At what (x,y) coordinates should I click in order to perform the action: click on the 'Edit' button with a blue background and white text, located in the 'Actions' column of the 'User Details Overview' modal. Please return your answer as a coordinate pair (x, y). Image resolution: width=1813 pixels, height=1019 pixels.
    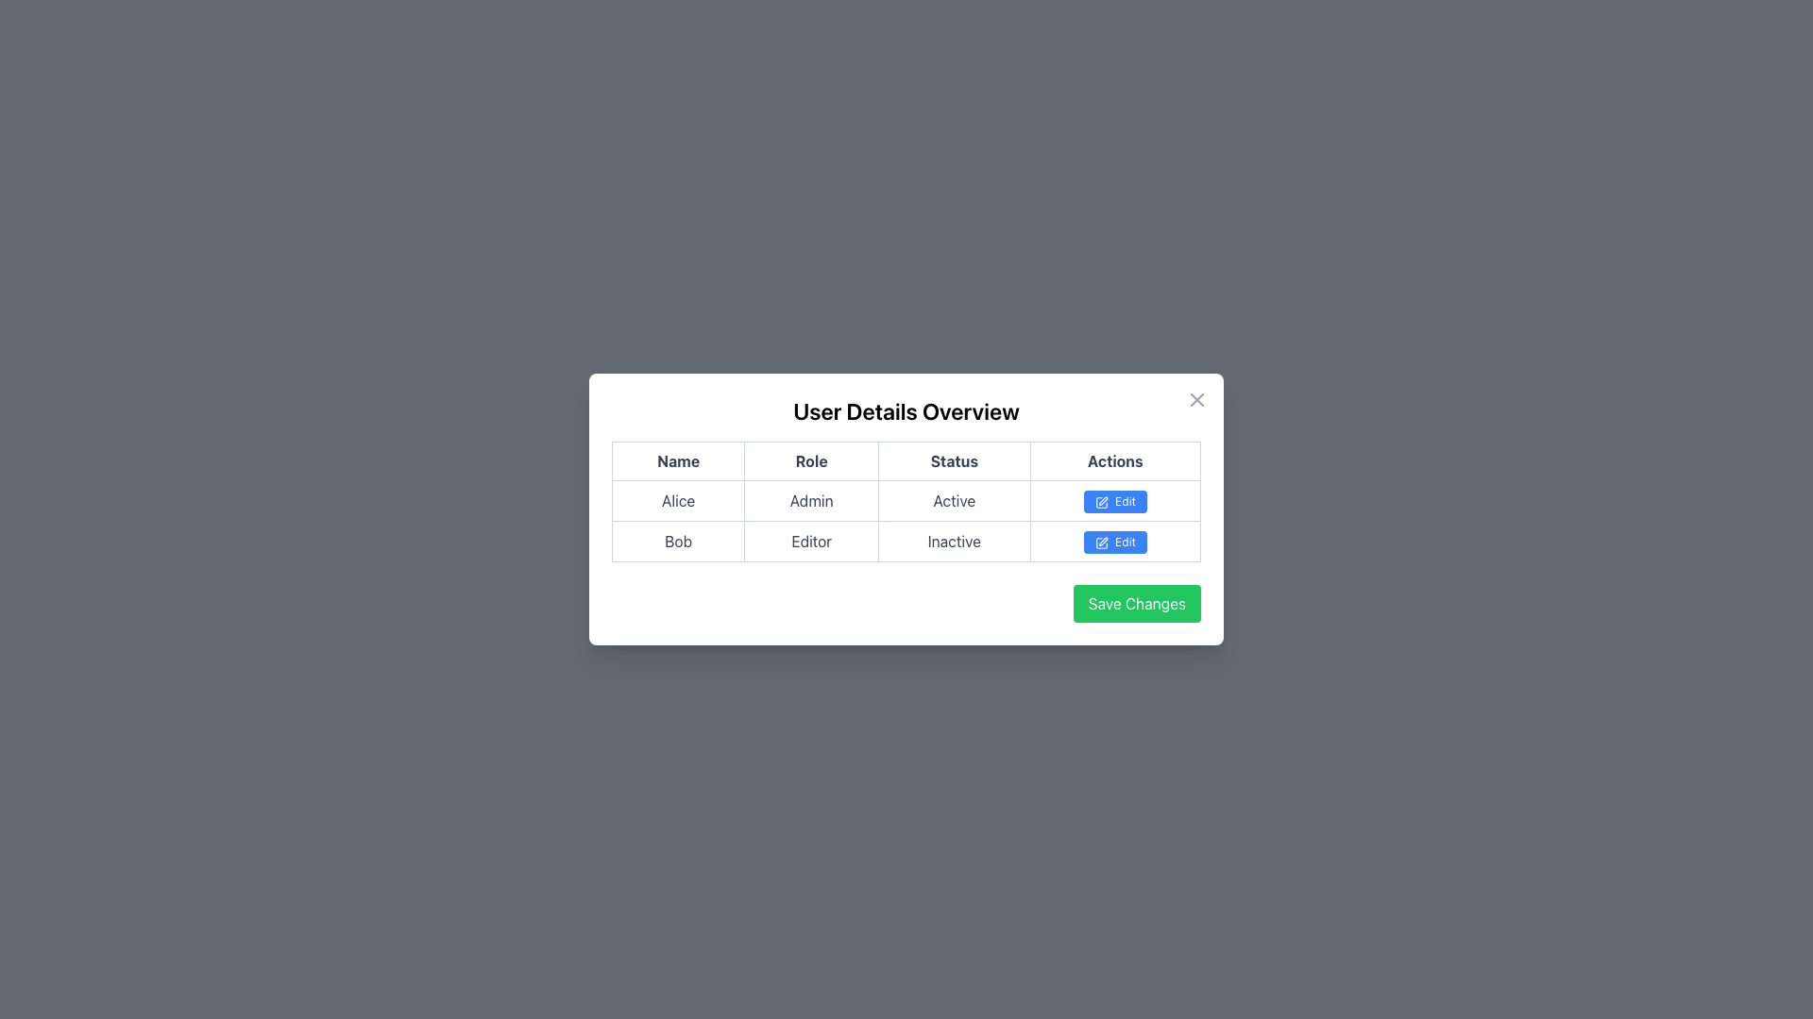
    Looking at the image, I should click on (1115, 501).